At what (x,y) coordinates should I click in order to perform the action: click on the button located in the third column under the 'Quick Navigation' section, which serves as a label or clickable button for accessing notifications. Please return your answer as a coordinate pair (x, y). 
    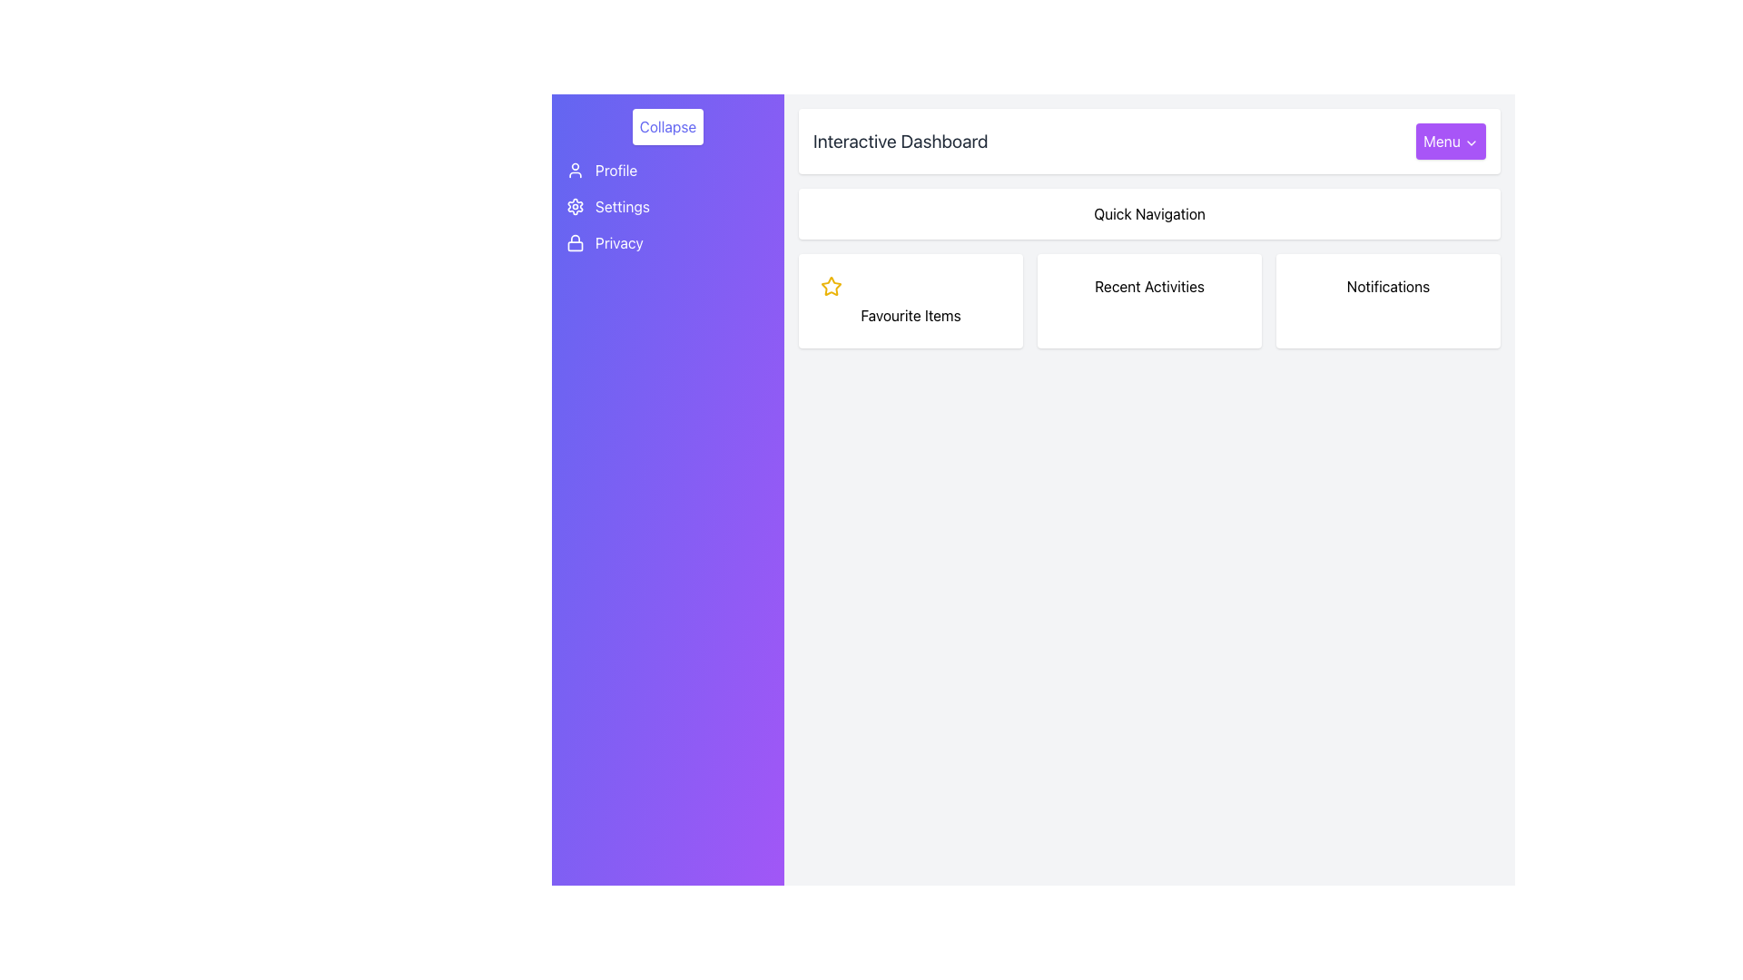
    Looking at the image, I should click on (1387, 299).